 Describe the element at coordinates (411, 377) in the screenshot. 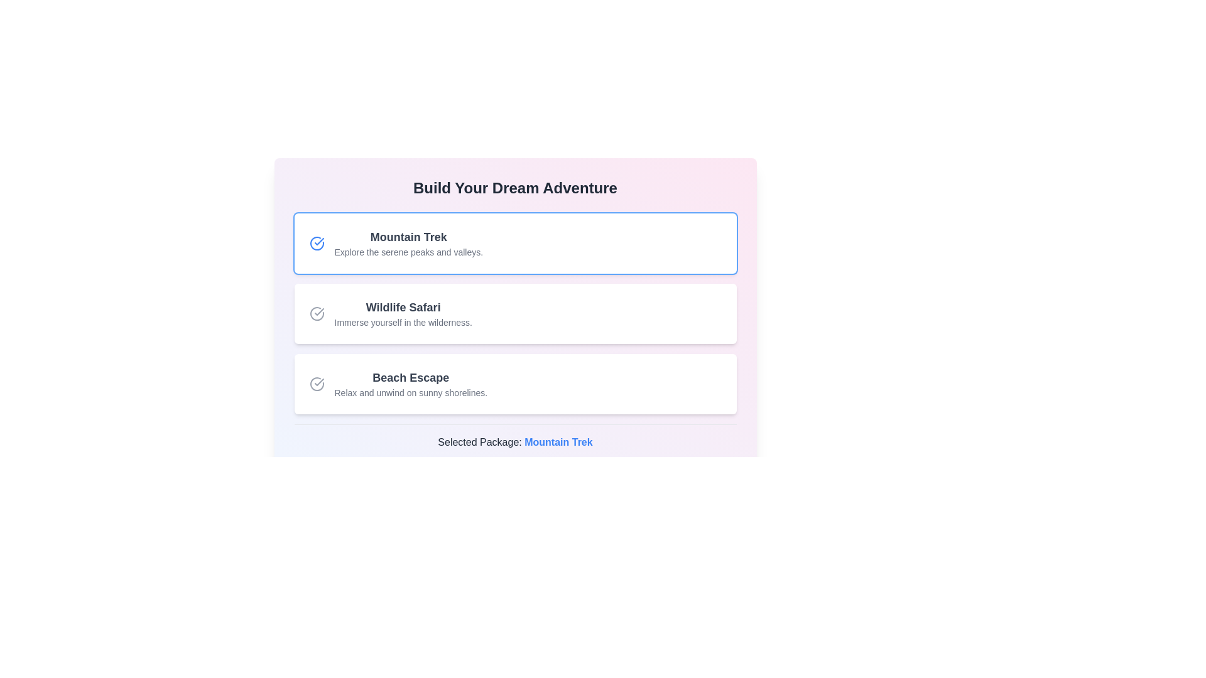

I see `the text label displaying 'Beach Escape', which is styled in bold and dark gray, located at the top of the third option card` at that location.